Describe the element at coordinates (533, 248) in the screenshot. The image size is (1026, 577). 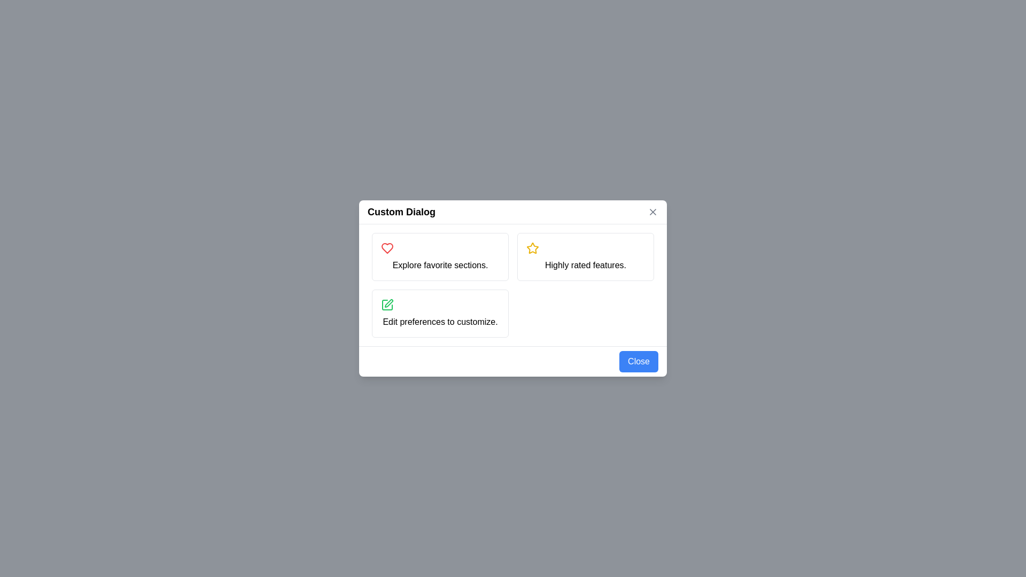
I see `the star rating icon in the top-right section of the dialog box that indicates 'Highly rated features'` at that location.